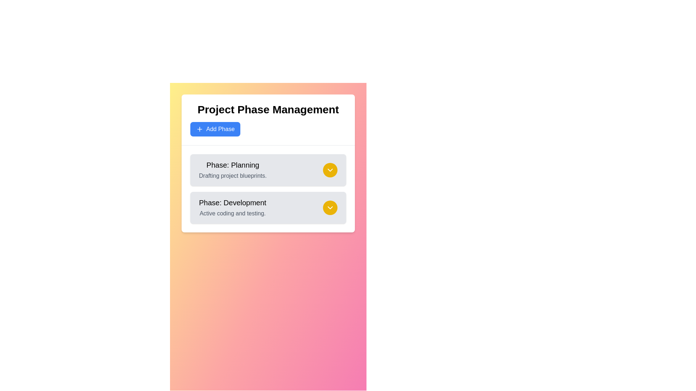  What do you see at coordinates (330, 170) in the screenshot?
I see `the downward-pointing chevron SVG icon located within the circular yellow button adjacent to the 'Phase: Development' entry` at bounding box center [330, 170].